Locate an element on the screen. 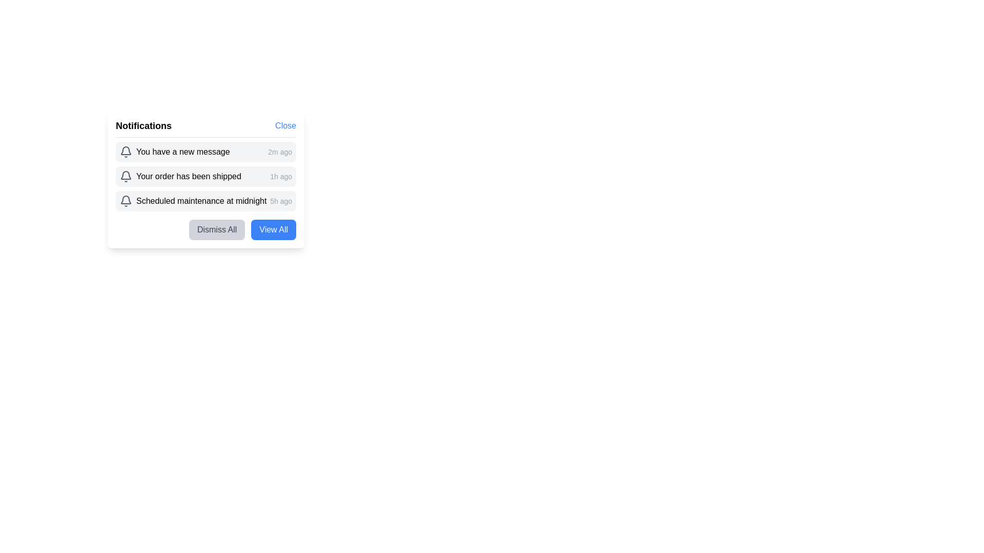  the textual label stating '1h ago', which is a timestamp for a notification about 'Your order has been shipped' is located at coordinates (281, 176).